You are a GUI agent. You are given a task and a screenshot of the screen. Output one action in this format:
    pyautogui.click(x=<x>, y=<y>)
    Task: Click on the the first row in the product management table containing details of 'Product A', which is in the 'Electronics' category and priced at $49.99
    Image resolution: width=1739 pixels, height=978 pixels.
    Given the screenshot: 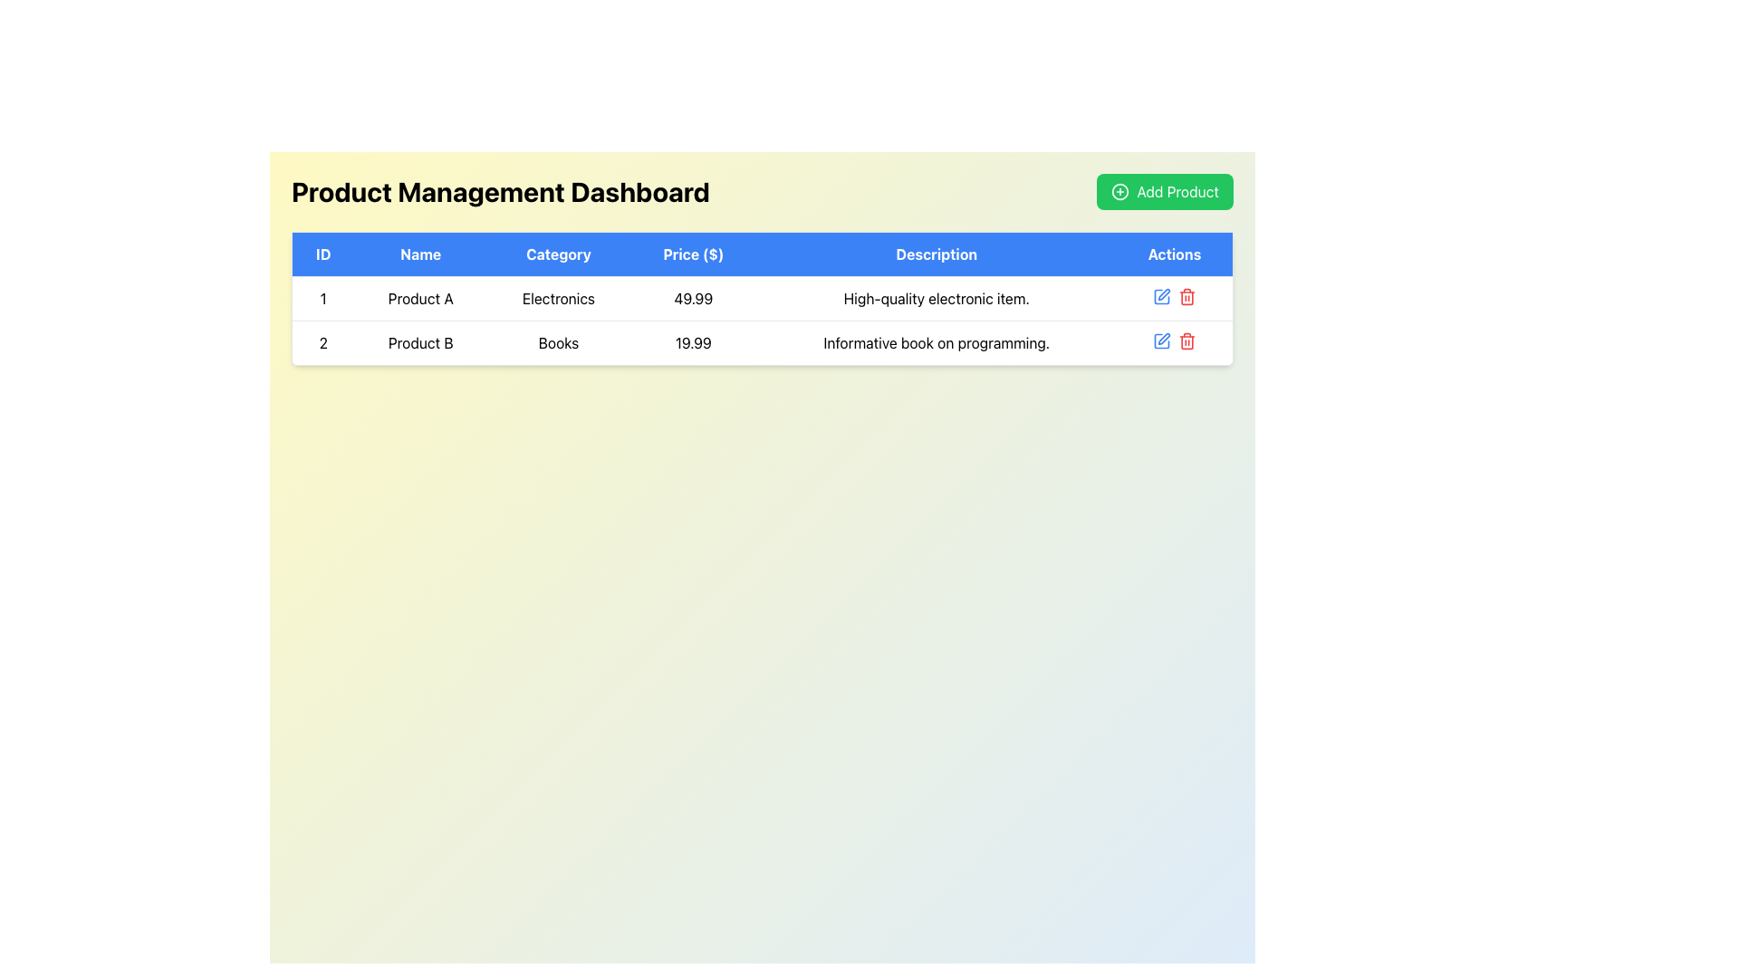 What is the action you would take?
    pyautogui.click(x=762, y=298)
    